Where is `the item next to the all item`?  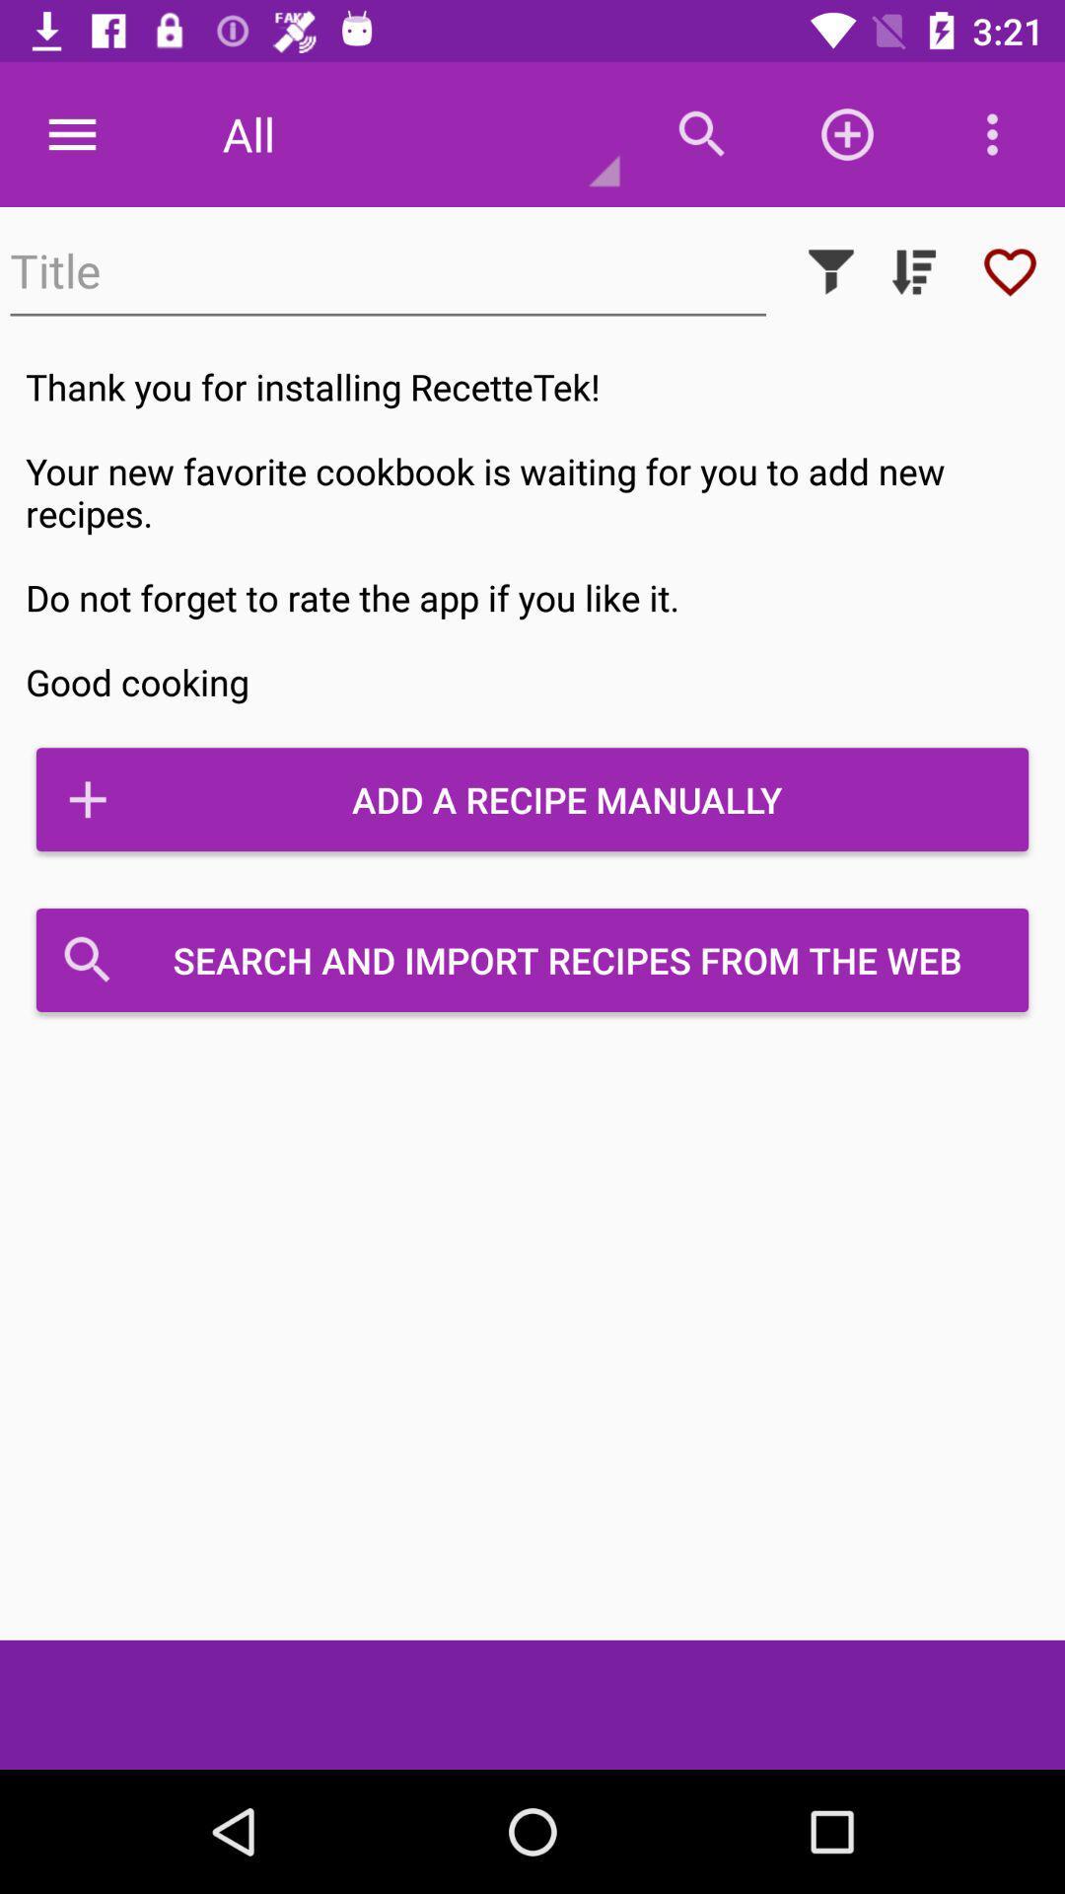 the item next to the all item is located at coordinates (71, 133).